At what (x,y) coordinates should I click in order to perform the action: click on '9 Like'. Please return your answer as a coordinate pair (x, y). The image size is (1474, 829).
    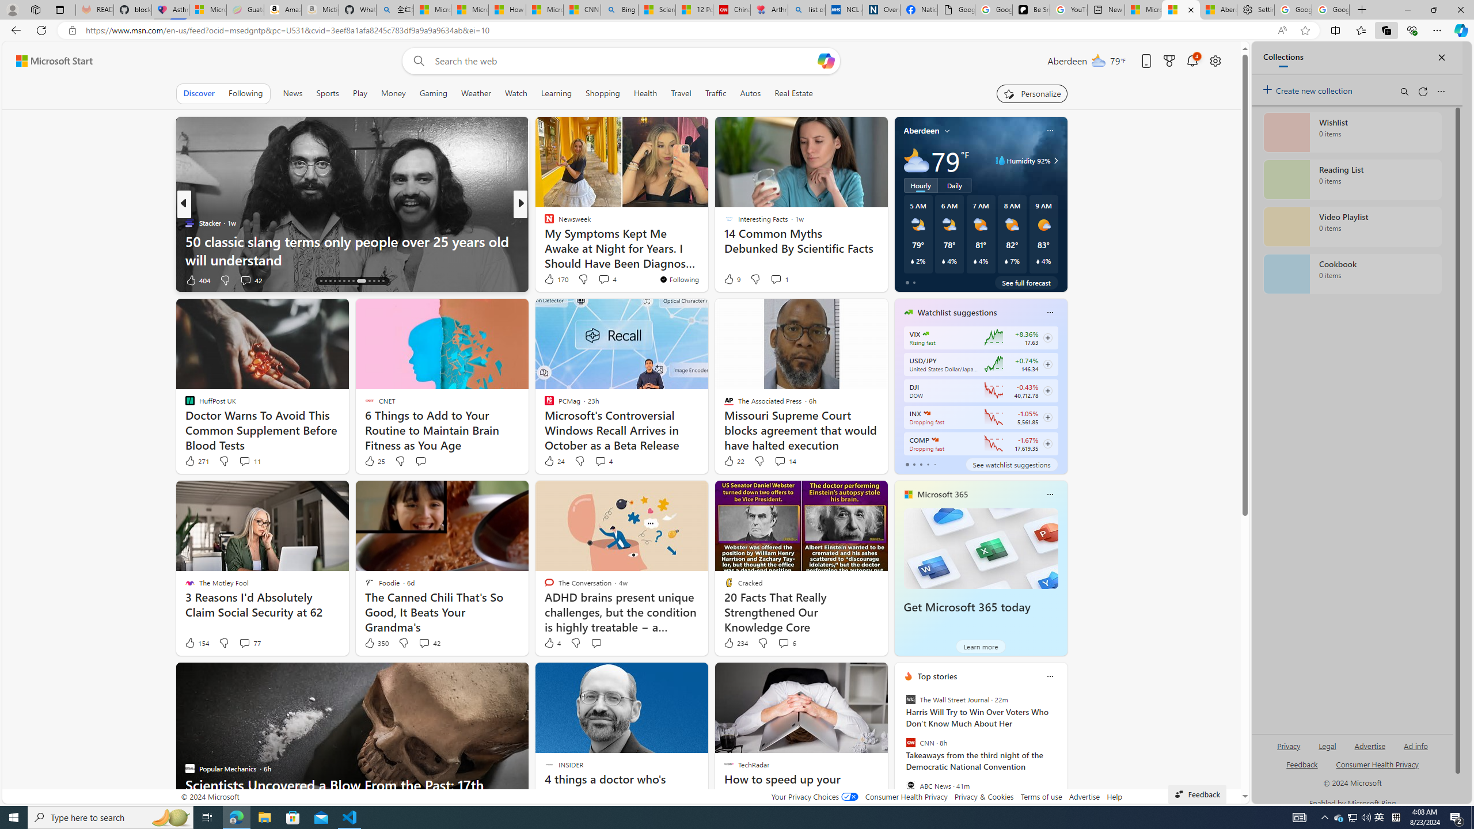
    Looking at the image, I should click on (730, 279).